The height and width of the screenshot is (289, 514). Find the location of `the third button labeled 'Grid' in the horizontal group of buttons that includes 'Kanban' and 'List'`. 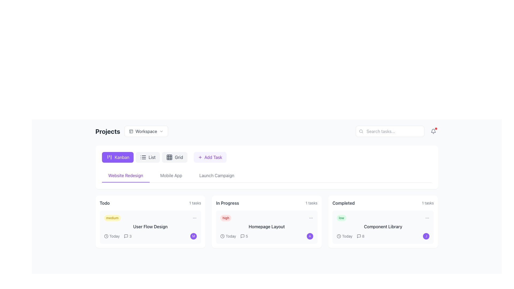

the third button labeled 'Grid' in the horizontal group of buttons that includes 'Kanban' and 'List' is located at coordinates (175, 157).